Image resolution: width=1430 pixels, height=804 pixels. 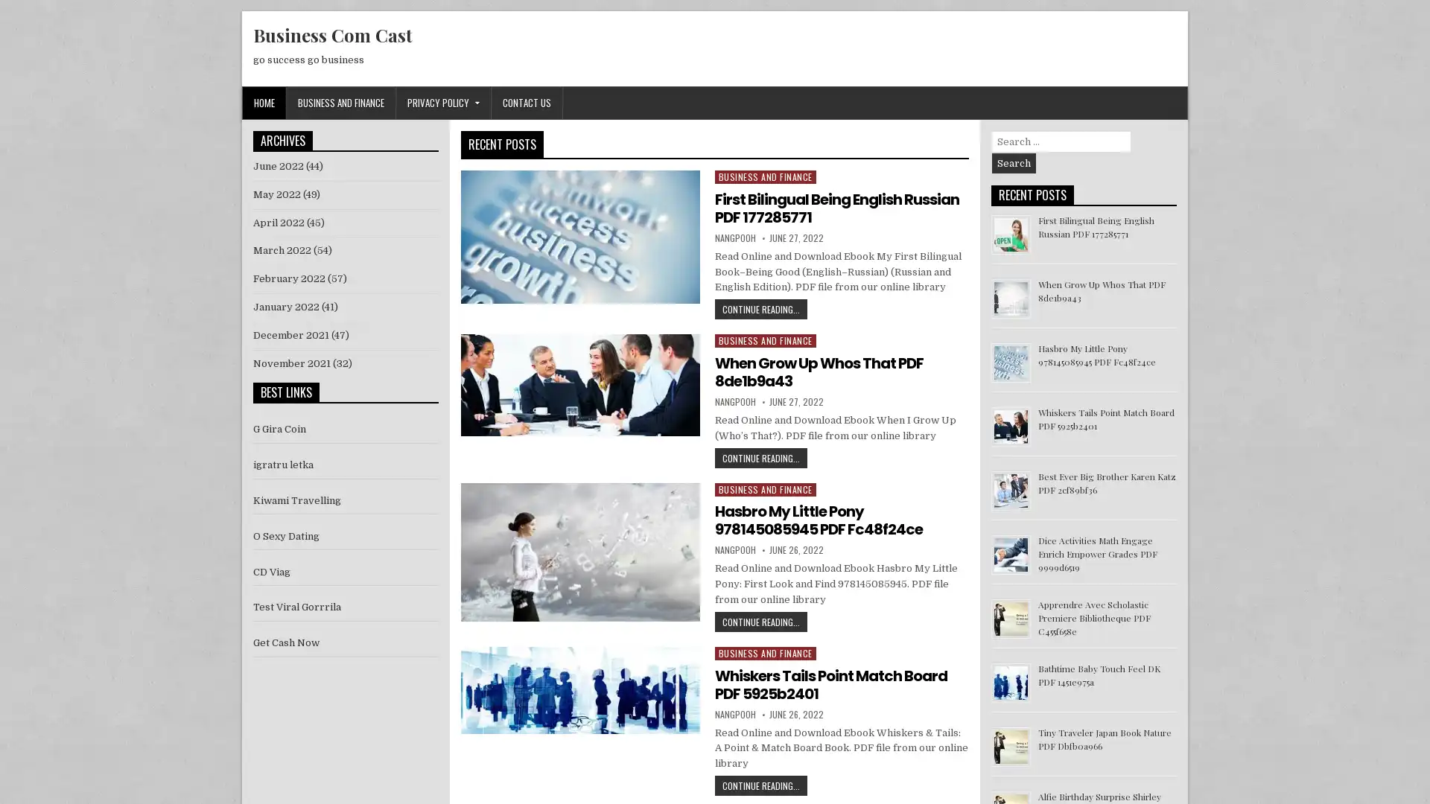 I want to click on Search, so click(x=1013, y=163).